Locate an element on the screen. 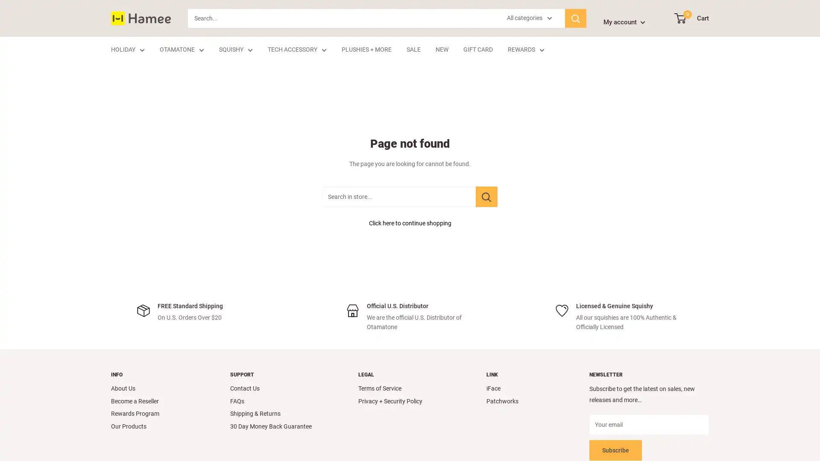  Search is located at coordinates (576, 18).